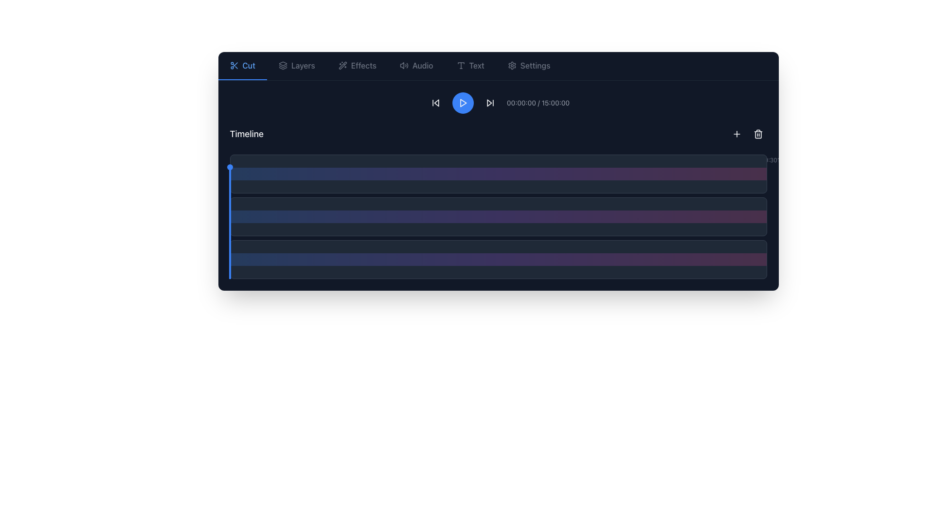 This screenshot has height=525, width=934. I want to click on the blue scissors icon located at the top-left corner of the interface, preceding the 'Cut' label, so click(234, 66).